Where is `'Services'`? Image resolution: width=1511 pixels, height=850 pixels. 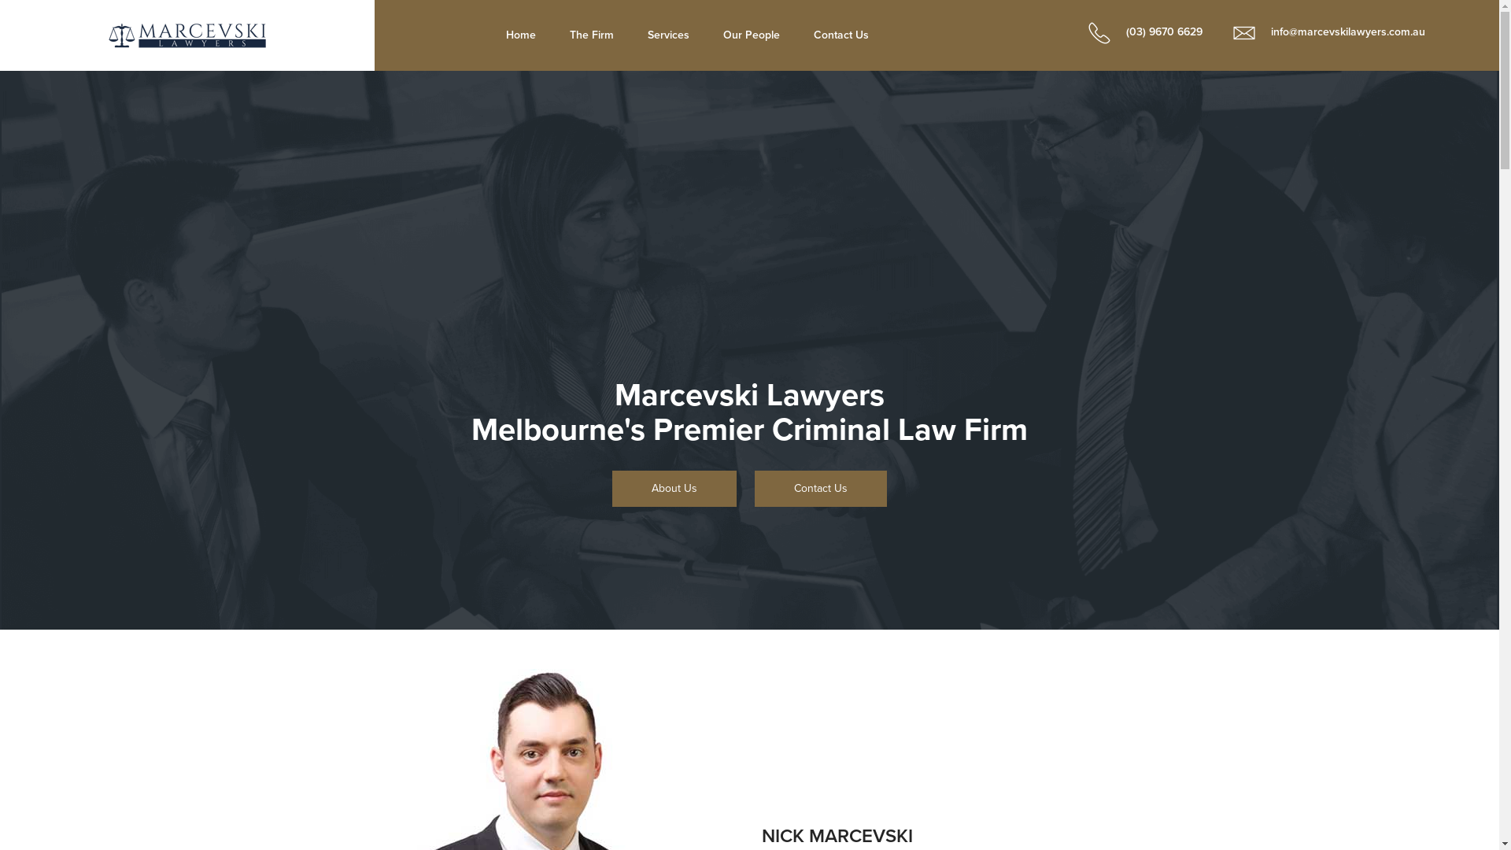 'Services' is located at coordinates (668, 35).